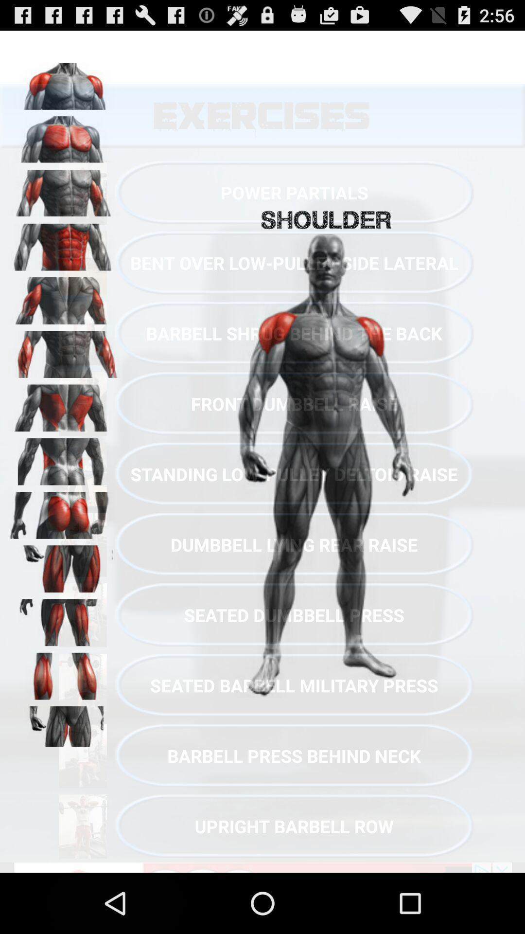 Image resolution: width=525 pixels, height=934 pixels. What do you see at coordinates (64, 511) in the screenshot?
I see `gluteus maximus` at bounding box center [64, 511].